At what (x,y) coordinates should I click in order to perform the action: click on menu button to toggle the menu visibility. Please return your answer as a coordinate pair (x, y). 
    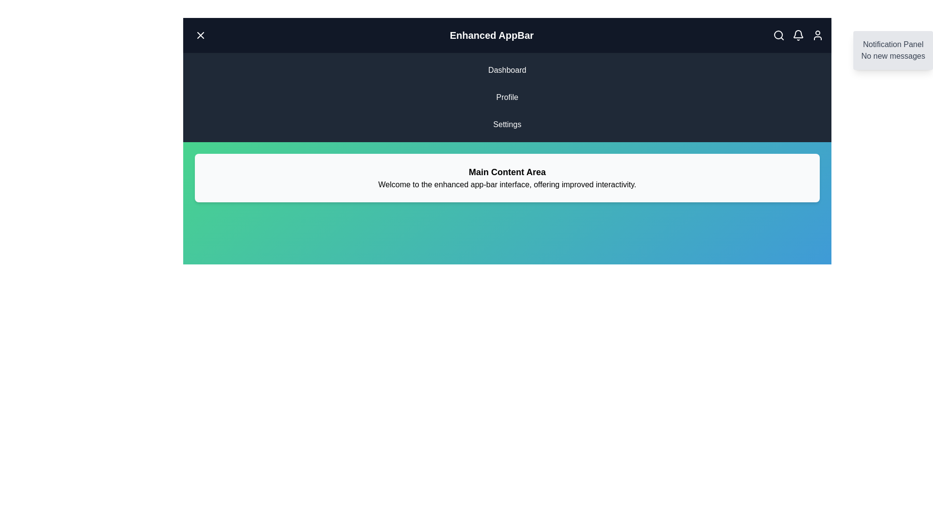
    Looking at the image, I should click on (200, 35).